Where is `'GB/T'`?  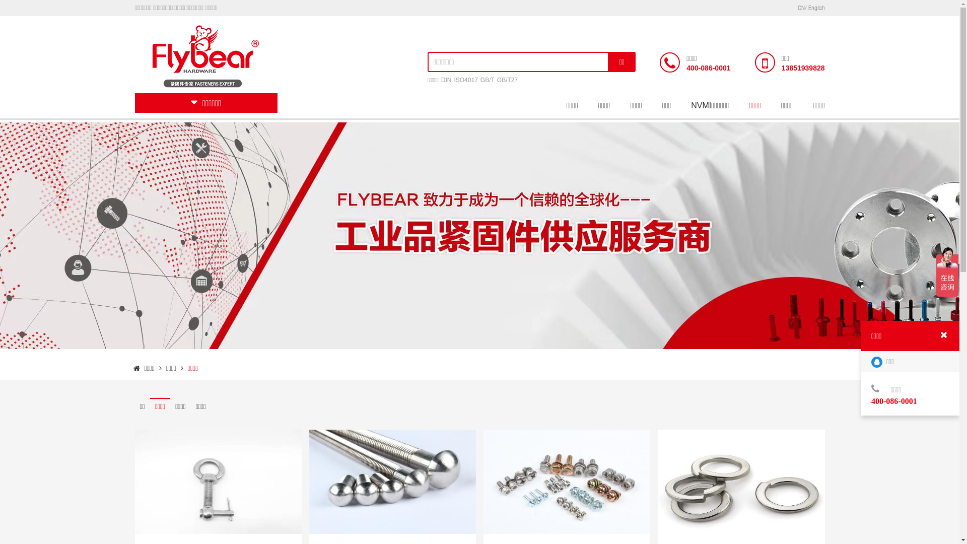
'GB/T' is located at coordinates (488, 79).